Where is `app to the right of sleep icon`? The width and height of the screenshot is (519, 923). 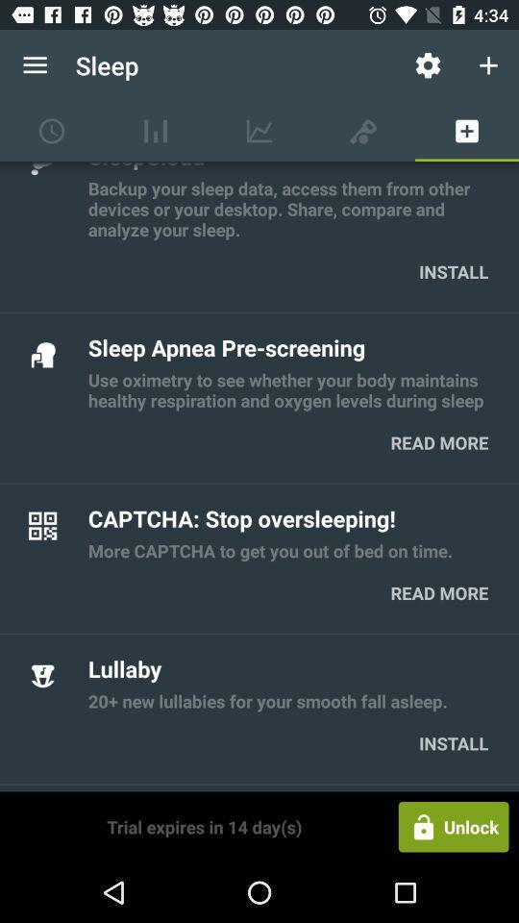 app to the right of sleep icon is located at coordinates (428, 65).